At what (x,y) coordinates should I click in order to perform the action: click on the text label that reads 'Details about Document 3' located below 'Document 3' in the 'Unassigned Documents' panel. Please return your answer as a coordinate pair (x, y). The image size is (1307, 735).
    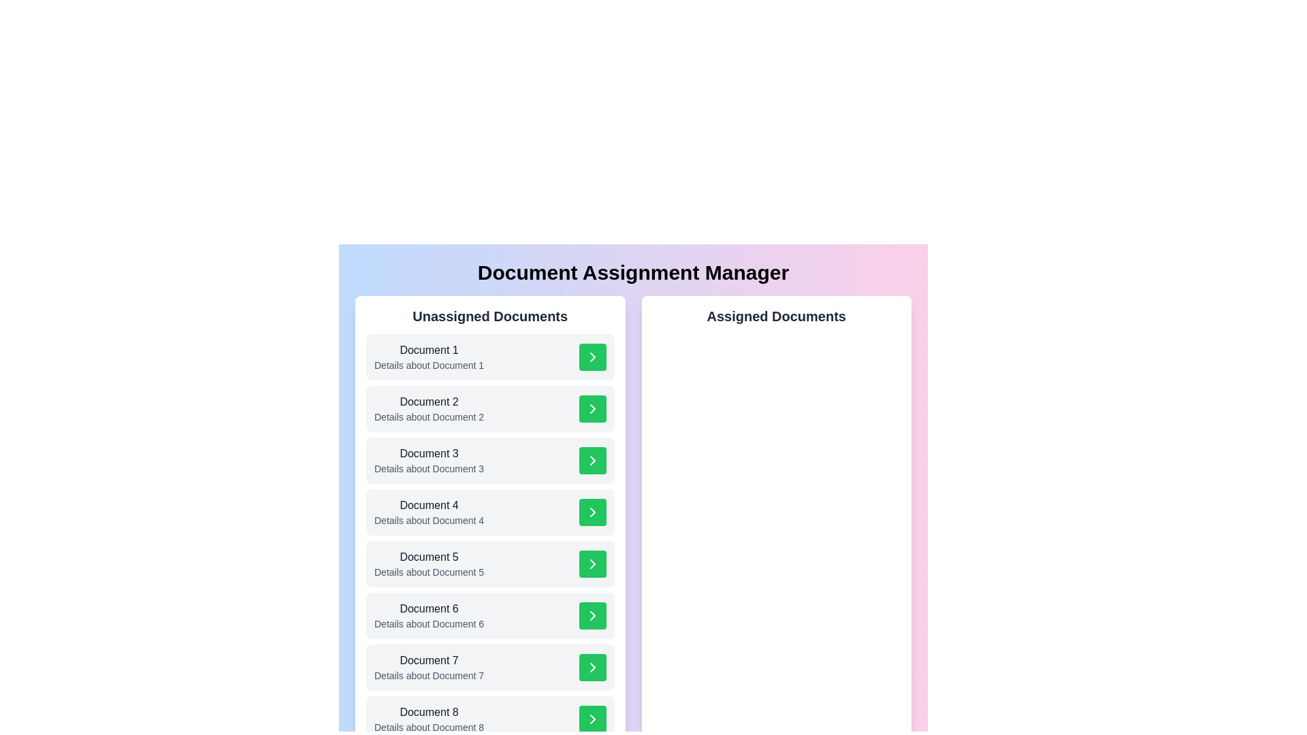
    Looking at the image, I should click on (428, 468).